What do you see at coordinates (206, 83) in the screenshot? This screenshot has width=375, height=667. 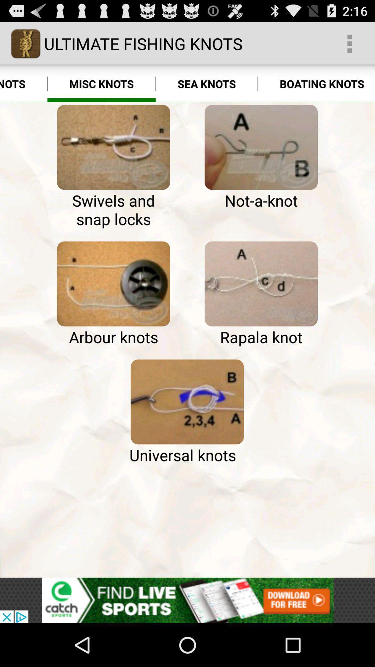 I see `the app next to misc knots` at bounding box center [206, 83].